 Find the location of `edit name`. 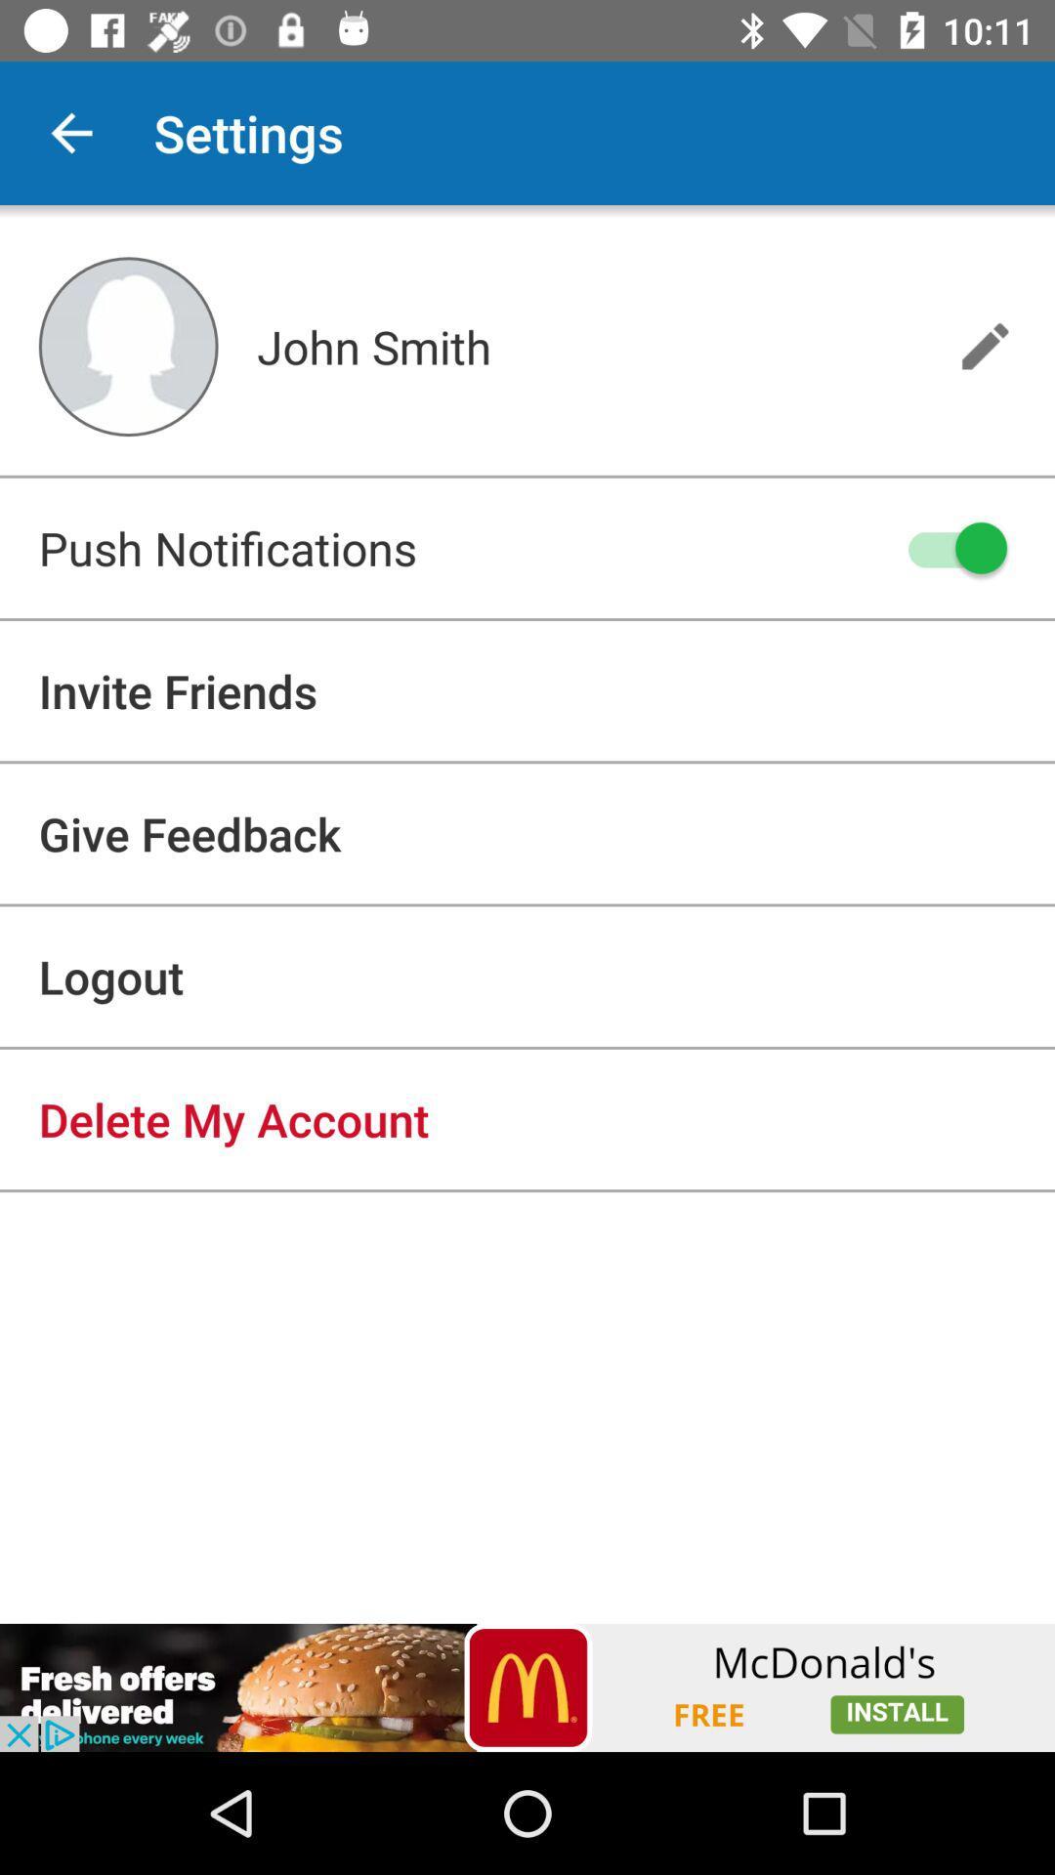

edit name is located at coordinates (985, 346).